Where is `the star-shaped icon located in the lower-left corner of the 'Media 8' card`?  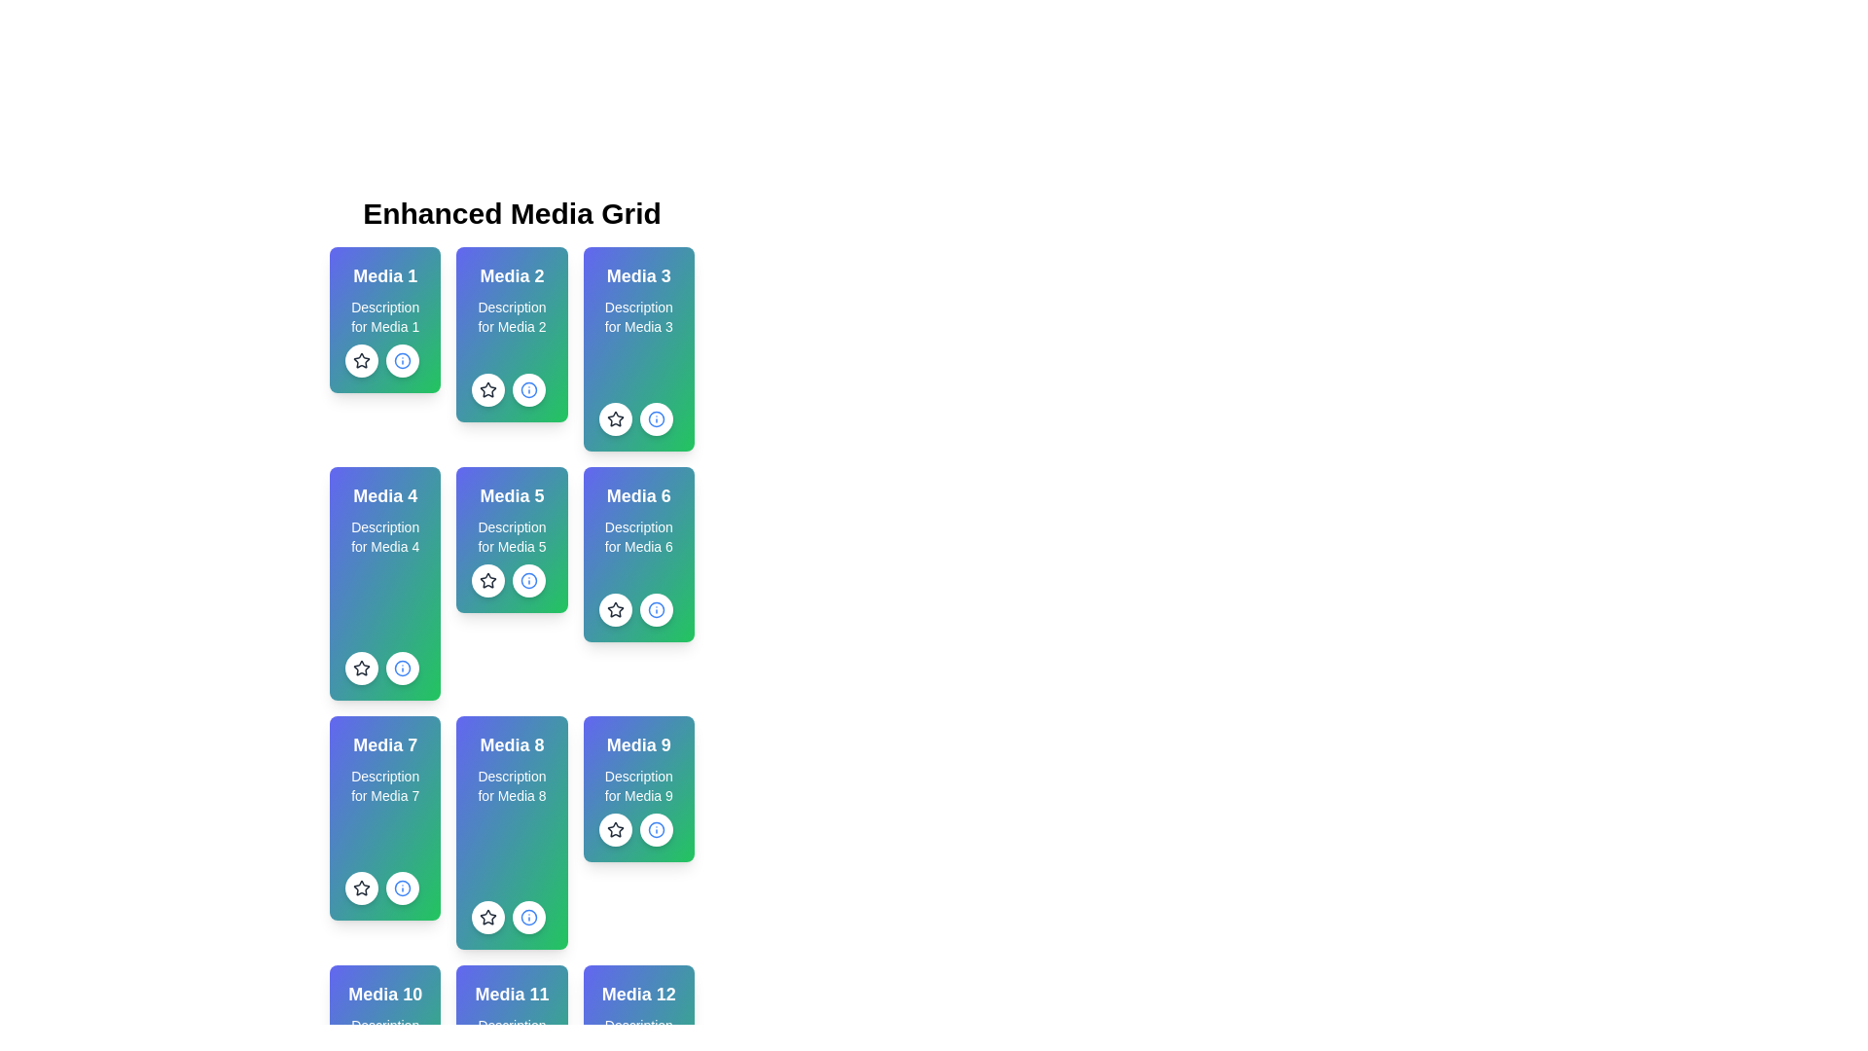 the star-shaped icon located in the lower-left corner of the 'Media 8' card is located at coordinates (488, 917).